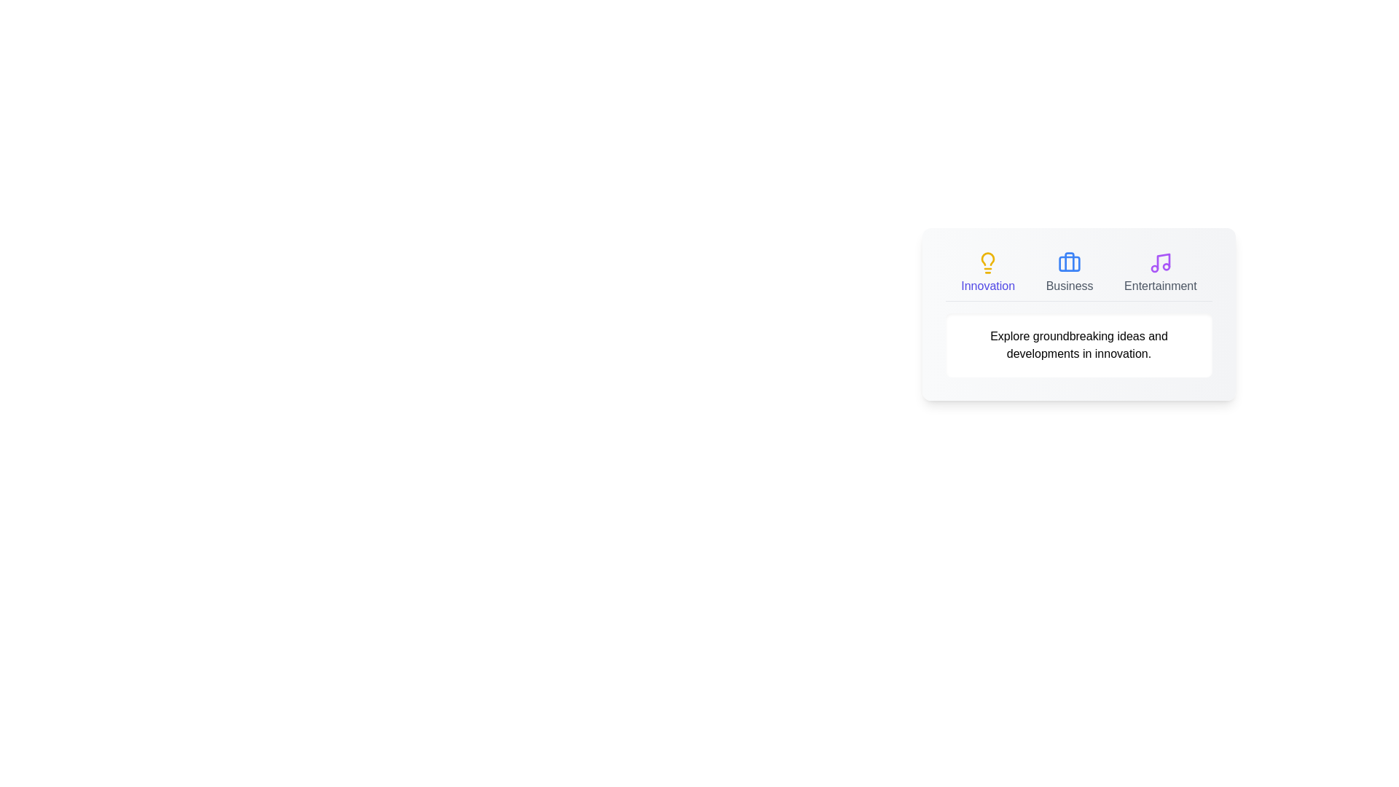 This screenshot has width=1399, height=787. Describe the element at coordinates (1159, 273) in the screenshot. I see `the Entertainment tab to view its content` at that location.